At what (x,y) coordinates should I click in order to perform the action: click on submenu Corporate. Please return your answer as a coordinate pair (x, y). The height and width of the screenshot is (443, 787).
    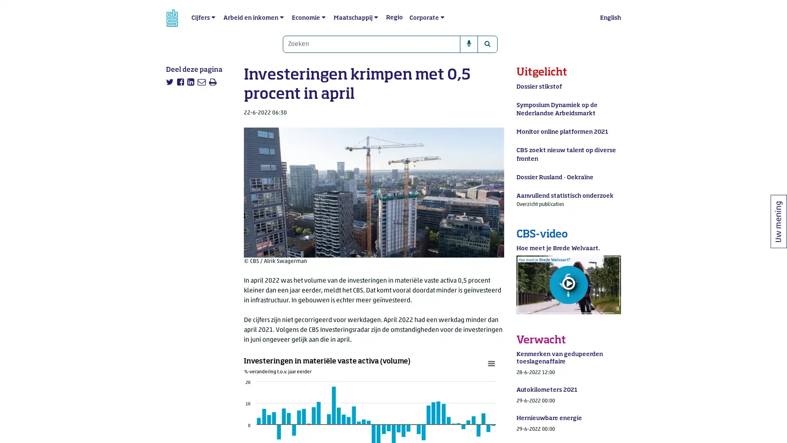
    Looking at the image, I should click on (442, 17).